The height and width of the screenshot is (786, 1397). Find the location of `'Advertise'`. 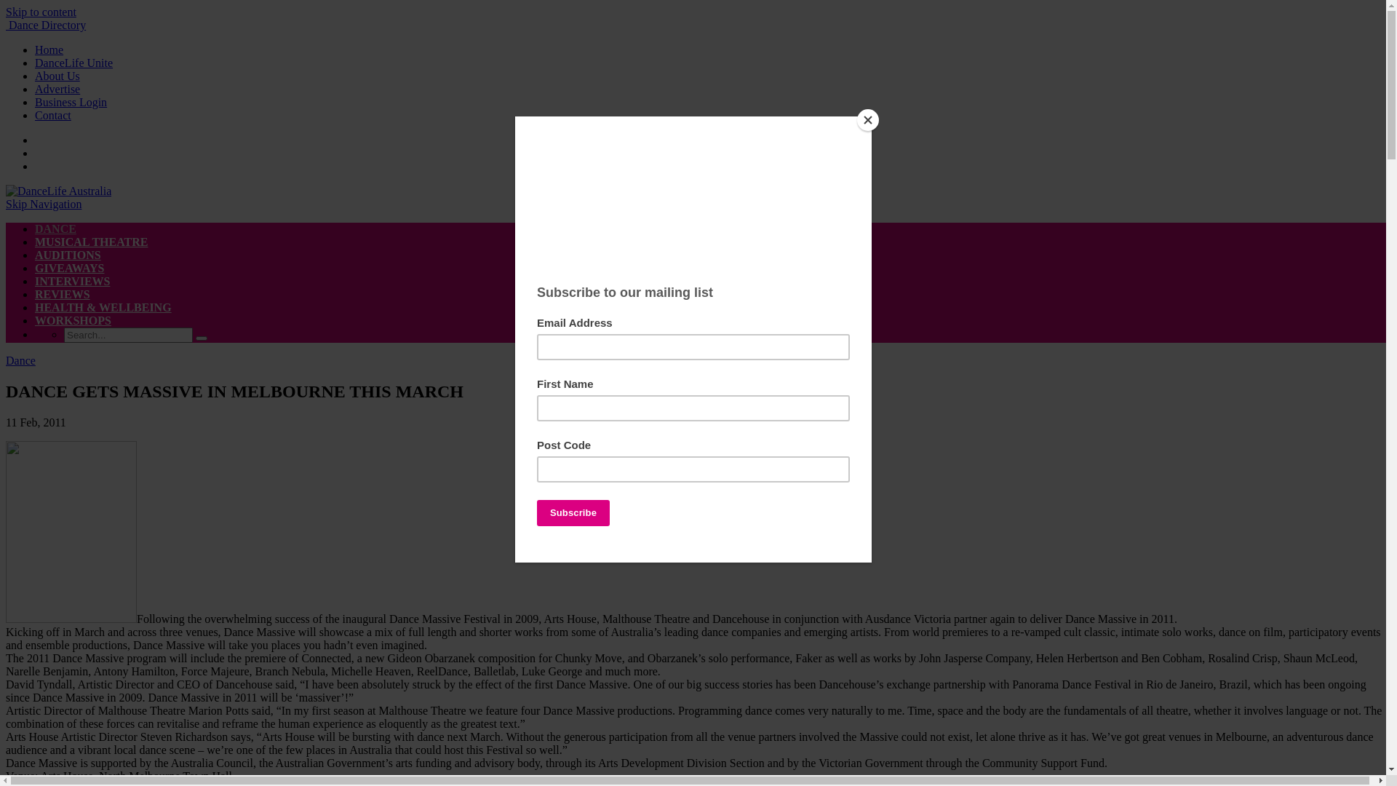

'Advertise' is located at coordinates (57, 89).